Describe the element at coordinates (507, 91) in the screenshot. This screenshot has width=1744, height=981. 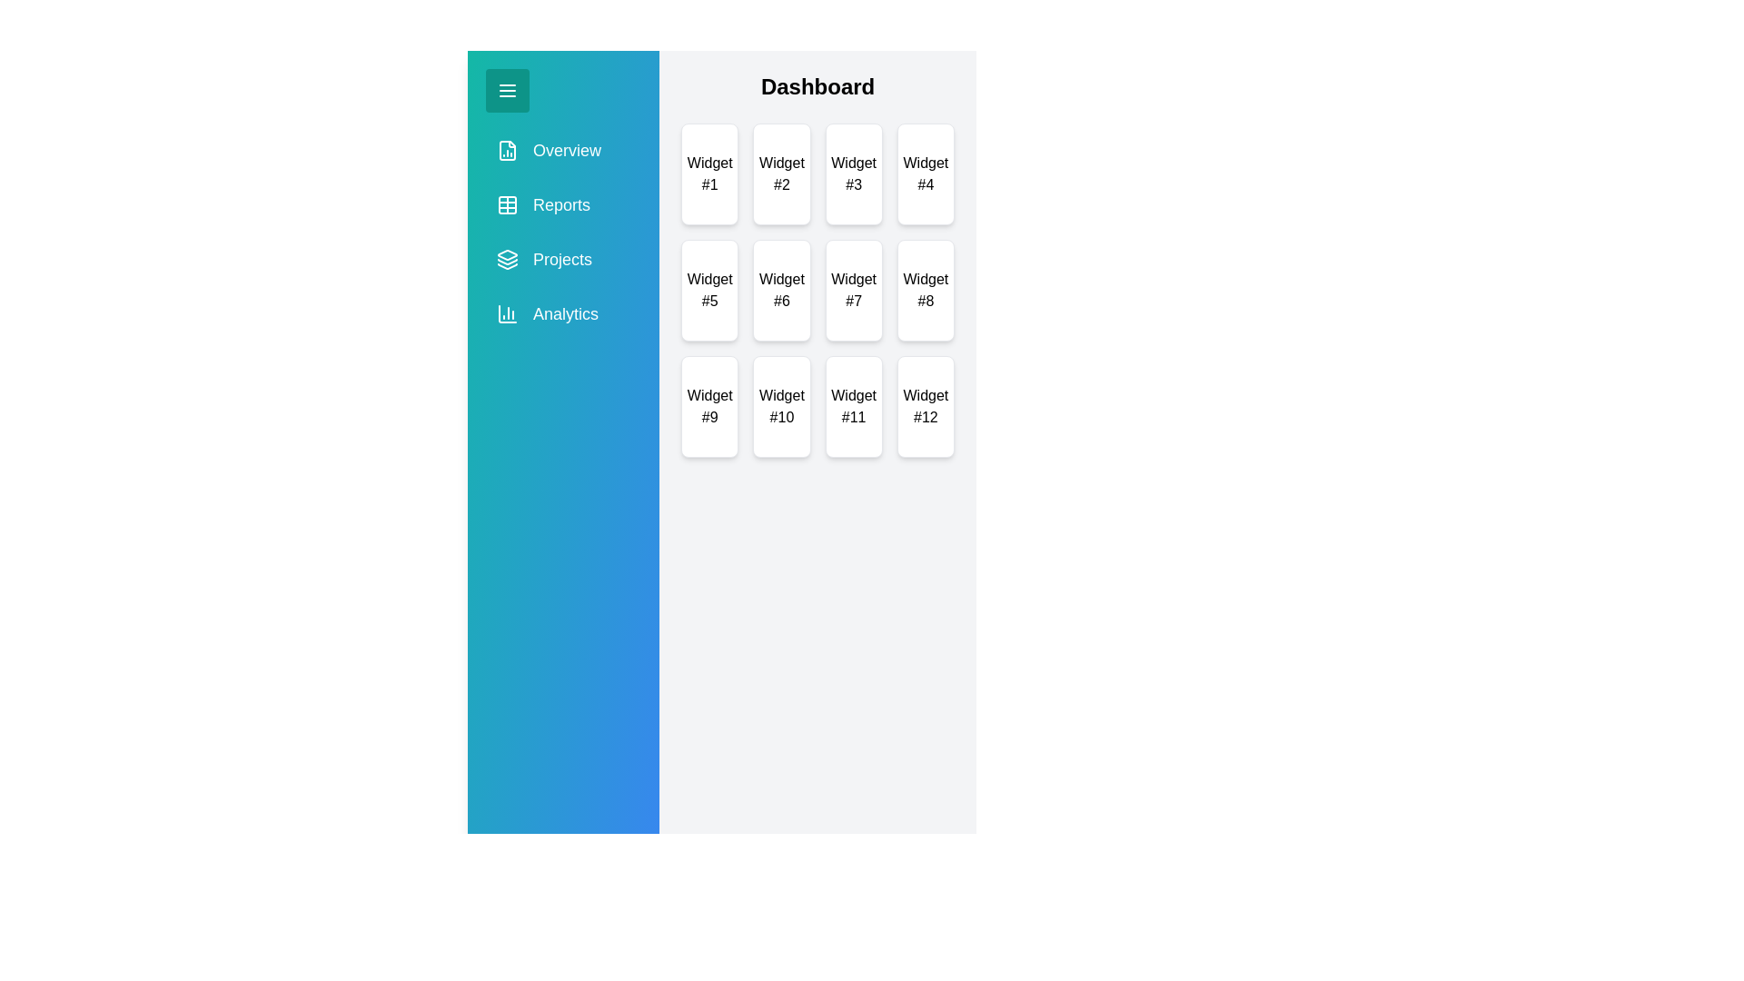
I see `the menu button to toggle the drawer` at that location.